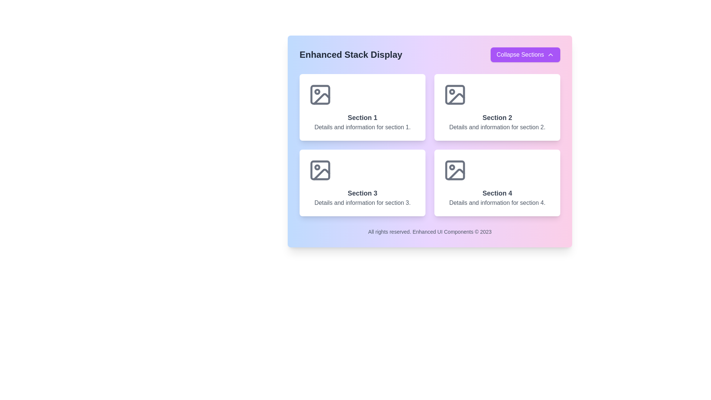 Image resolution: width=711 pixels, height=400 pixels. Describe the element at coordinates (363, 203) in the screenshot. I see `the text line reading 'Details and information for section 3.' which is styled in gray and positioned as the second line within the bottom-left information box labeled 'Section 3.'` at that location.